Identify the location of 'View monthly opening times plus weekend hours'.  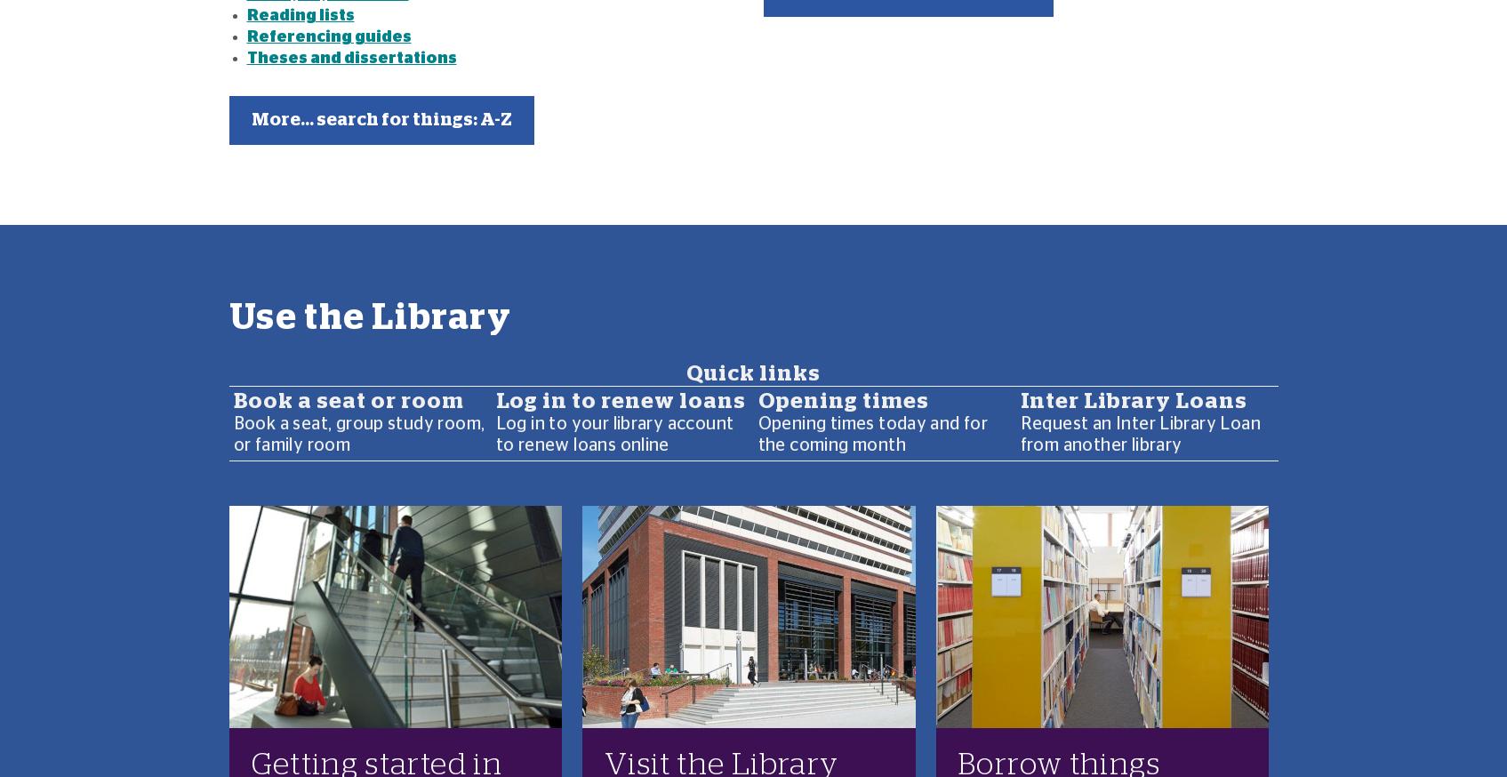
(452, 325).